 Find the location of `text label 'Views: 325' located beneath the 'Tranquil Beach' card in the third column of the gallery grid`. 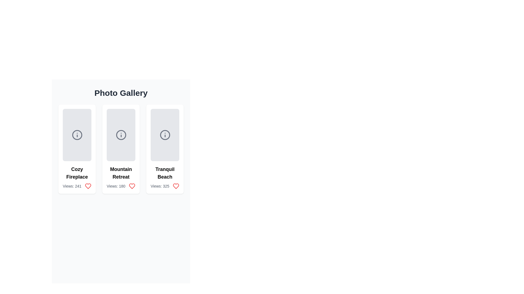

text label 'Views: 325' located beneath the 'Tranquil Beach' card in the third column of the gallery grid is located at coordinates (160, 186).